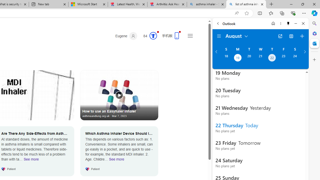 The height and width of the screenshot is (180, 320). I want to click on 'Microsoft Rewards 84', so click(148, 36).